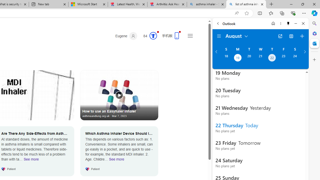 The height and width of the screenshot is (180, 320). I want to click on 'Microsoft Rewards 84', so click(148, 36).